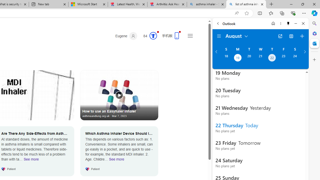 The height and width of the screenshot is (180, 320). I want to click on 'Microsoft Rewards 84', so click(148, 36).